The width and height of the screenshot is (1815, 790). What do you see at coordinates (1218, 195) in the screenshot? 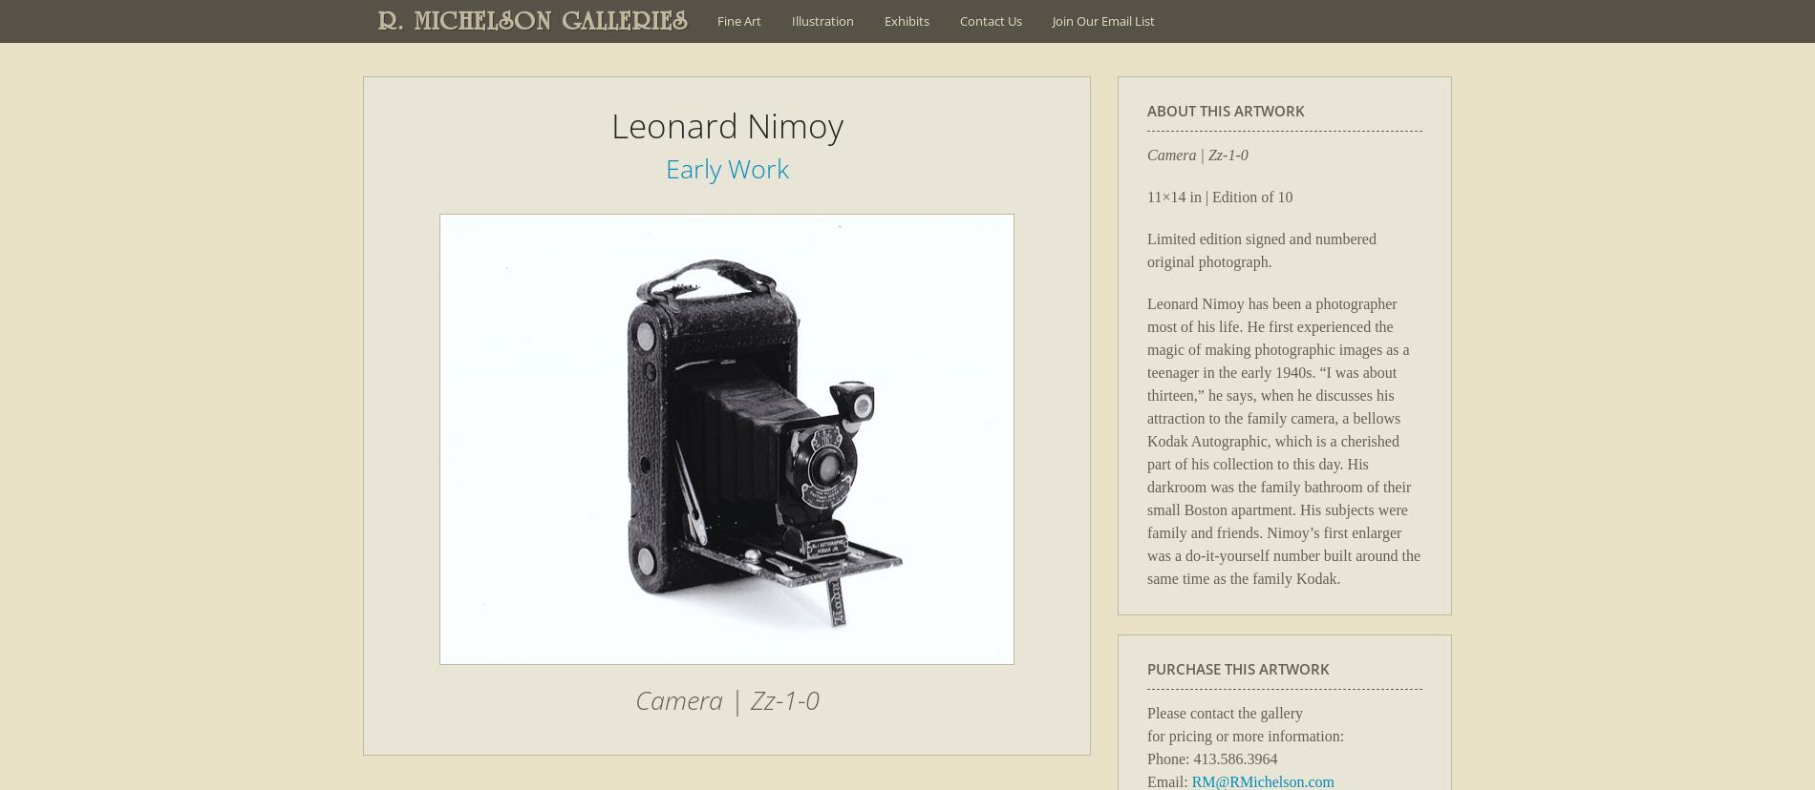
I see `'11×14 in | Edition of 10'` at bounding box center [1218, 195].